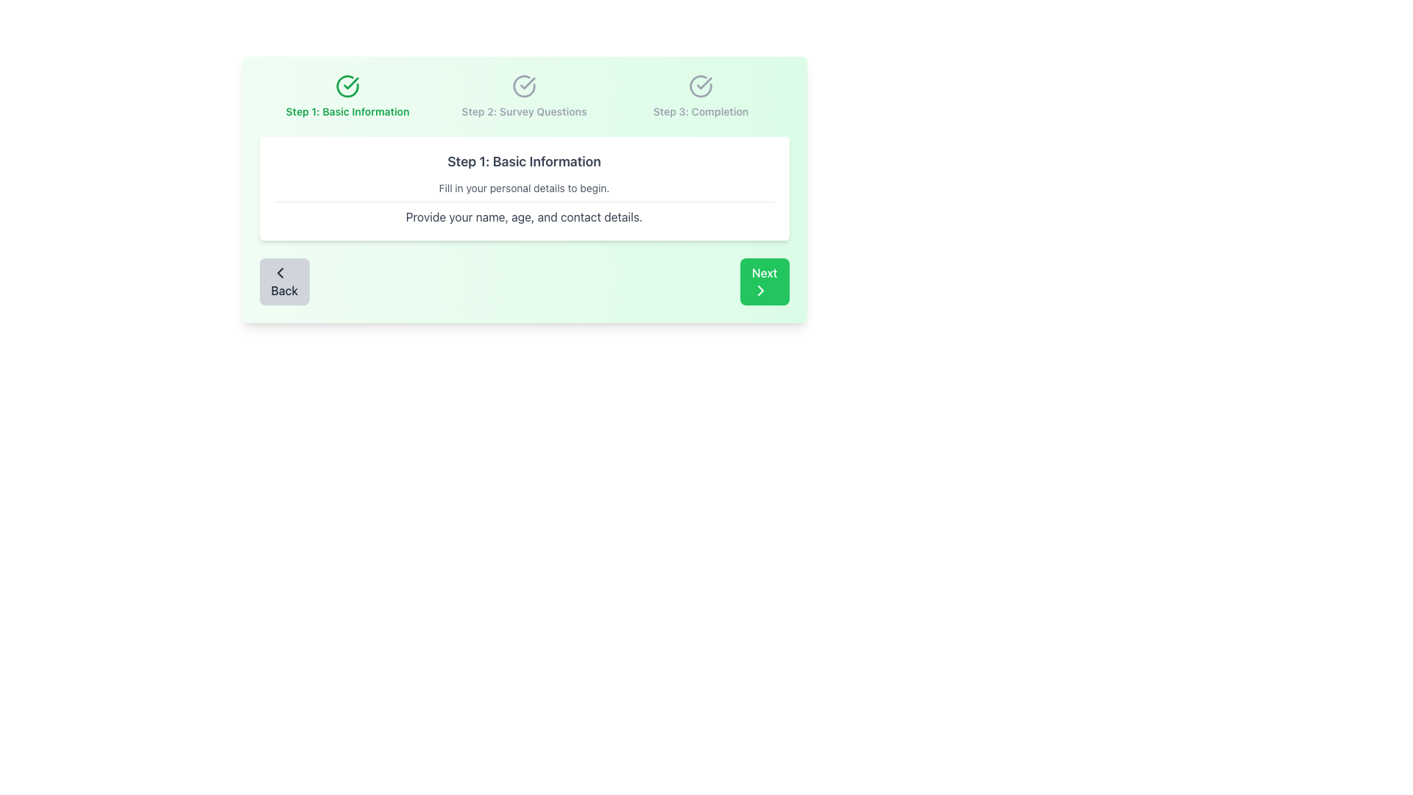 The image size is (1413, 795). Describe the element at coordinates (700, 110) in the screenshot. I see `the text label displaying 'Step 3: Completion'` at that location.